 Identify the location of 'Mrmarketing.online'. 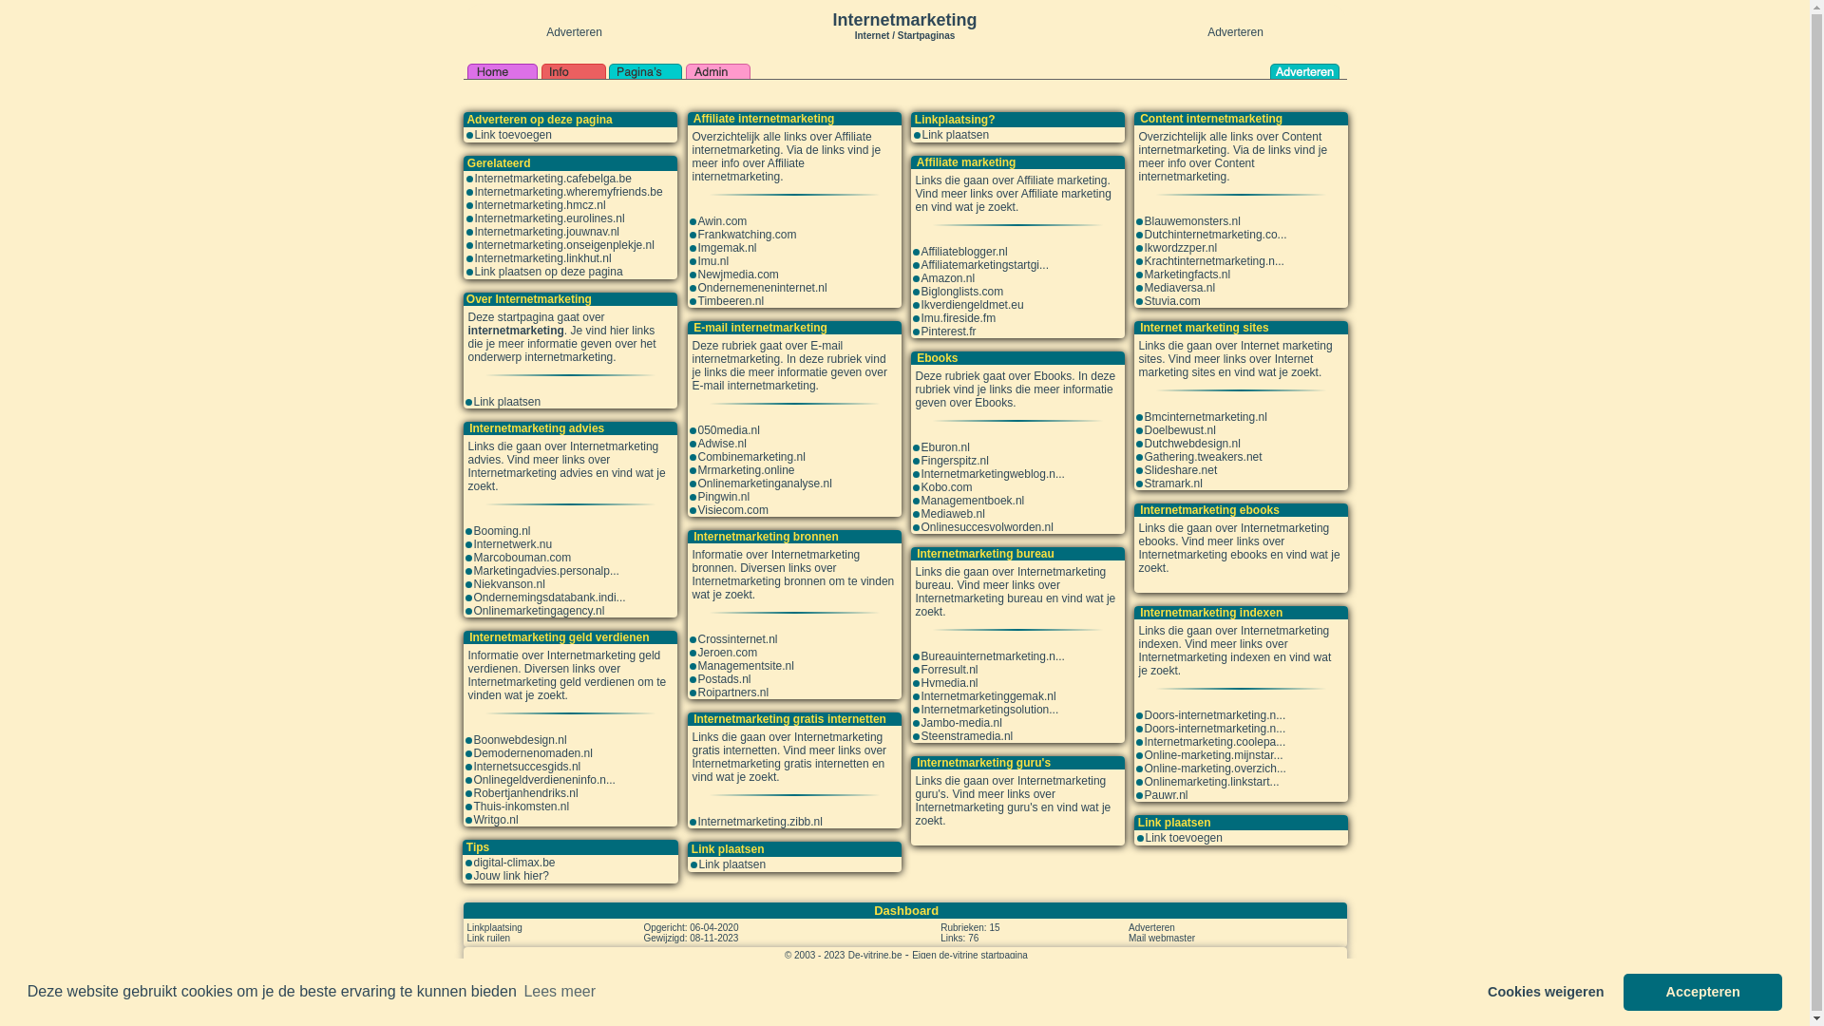
(745, 469).